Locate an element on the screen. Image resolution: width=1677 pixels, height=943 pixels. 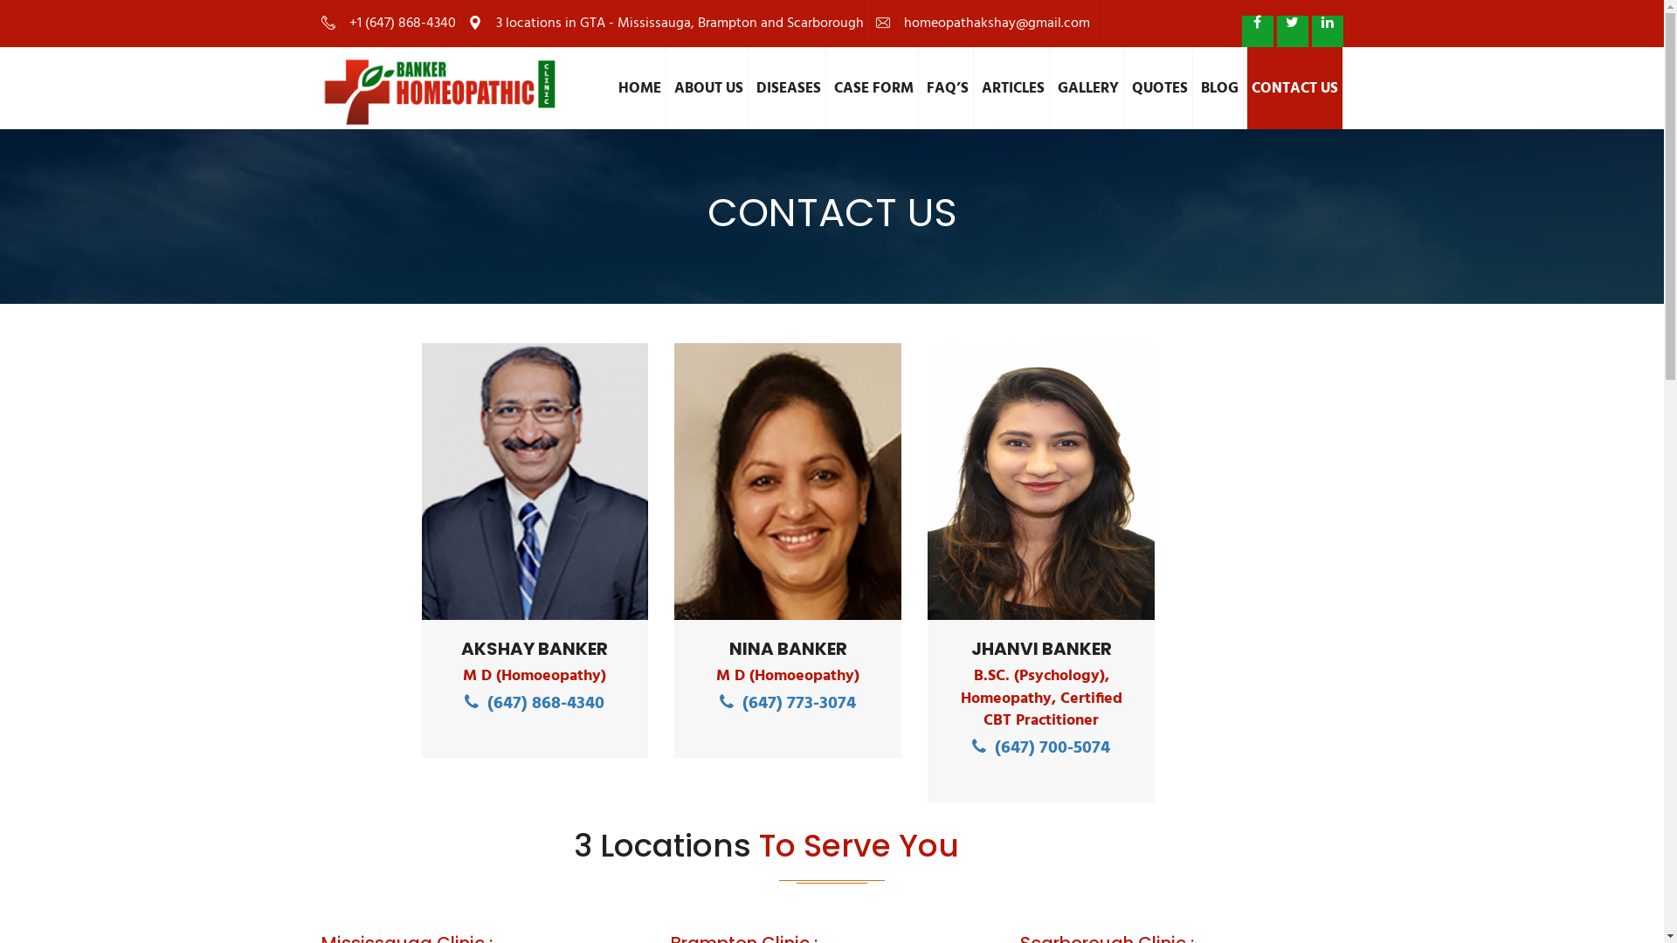
'ABOUT US' is located at coordinates (708, 87).